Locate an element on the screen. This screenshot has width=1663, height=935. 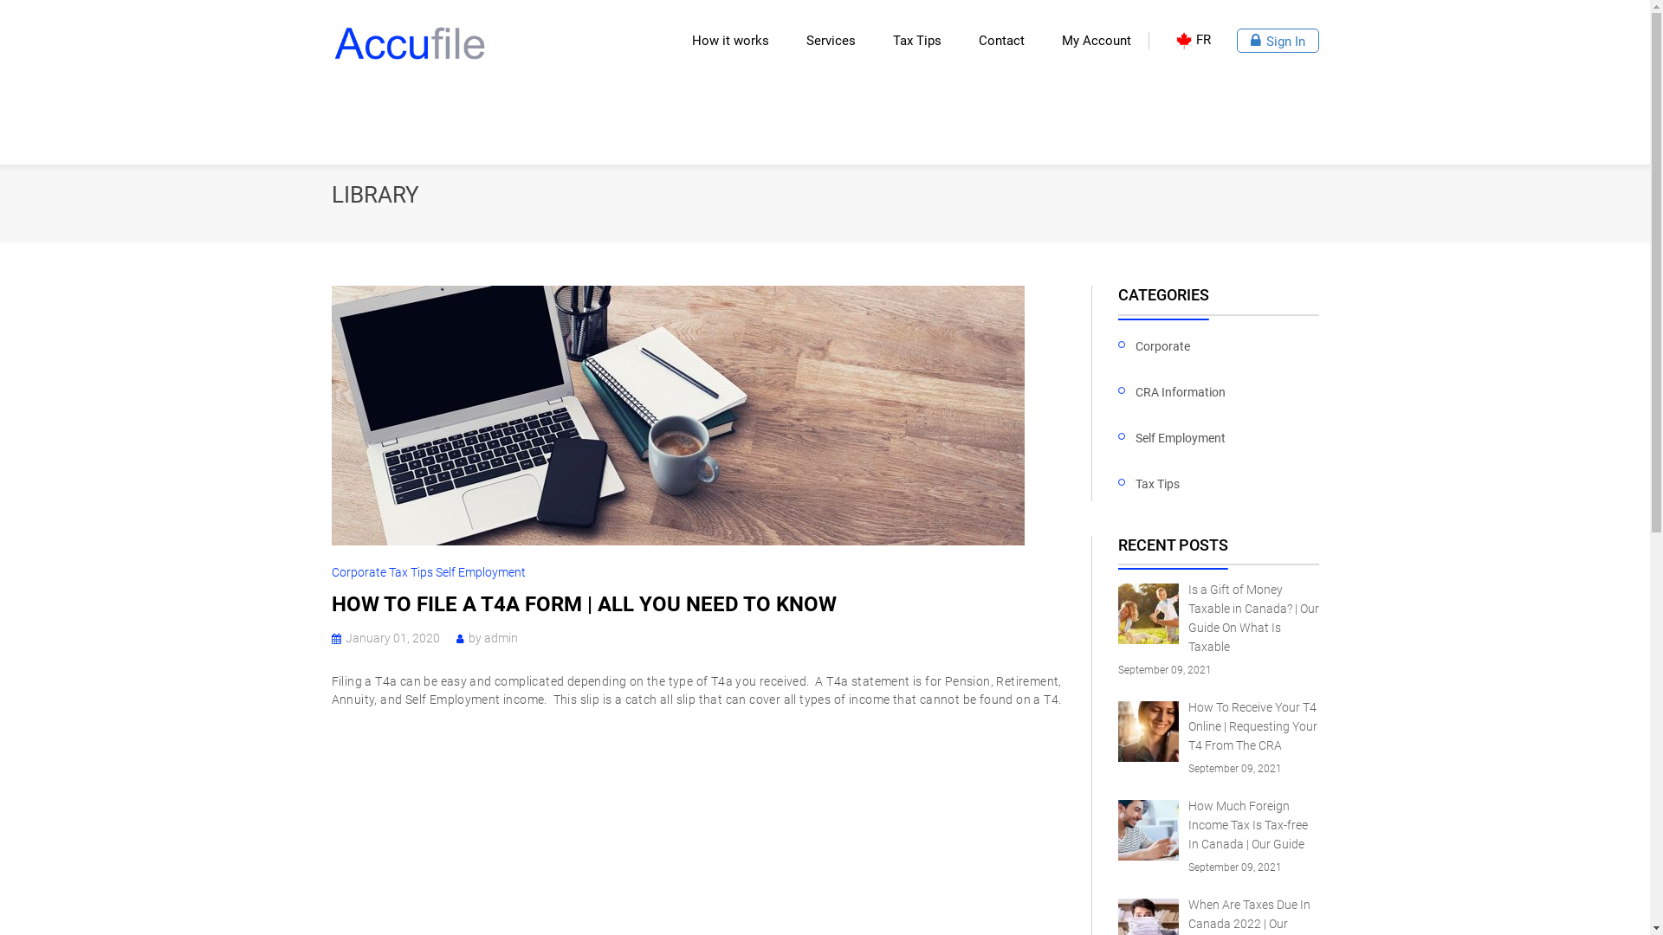
'Tax Tips' is located at coordinates (1157, 484).